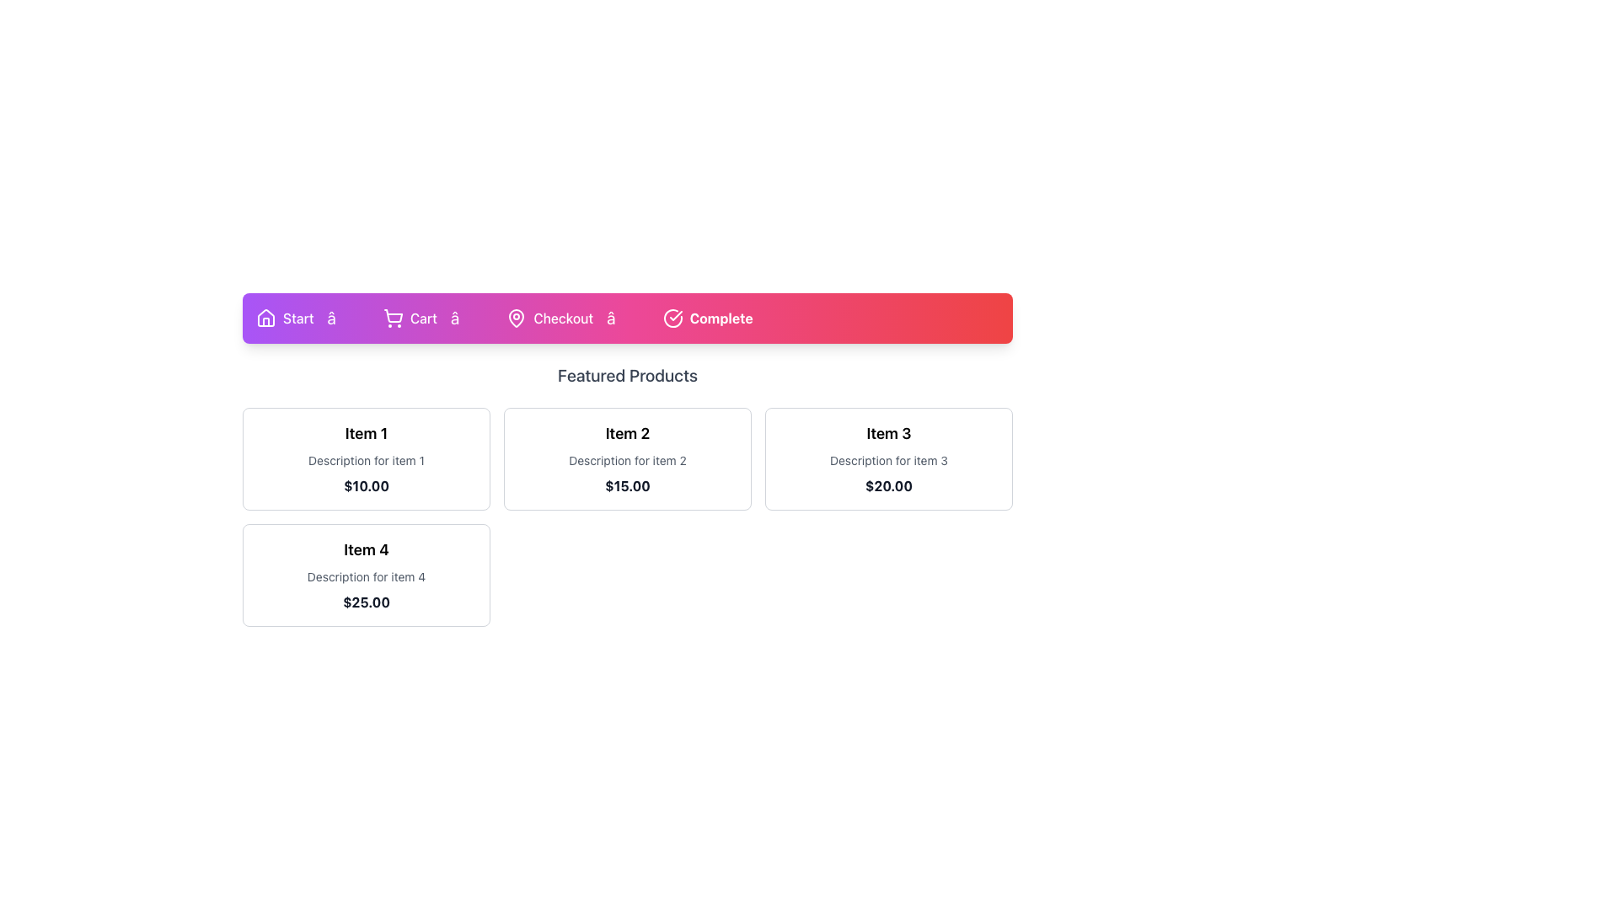  What do you see at coordinates (347, 318) in the screenshot?
I see `the second arrow-like separator in the sequence of navigation indicators, which is positioned between the 'Start' and 'Cart' indicators, located at the top center of the interface` at bounding box center [347, 318].